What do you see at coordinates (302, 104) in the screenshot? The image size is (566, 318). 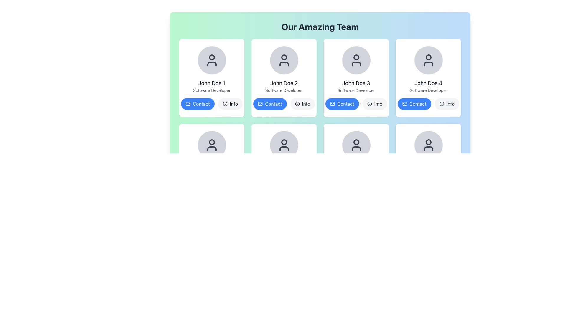 I see `the rounded rectangular button labeled 'Info' with an information icon, located` at bounding box center [302, 104].